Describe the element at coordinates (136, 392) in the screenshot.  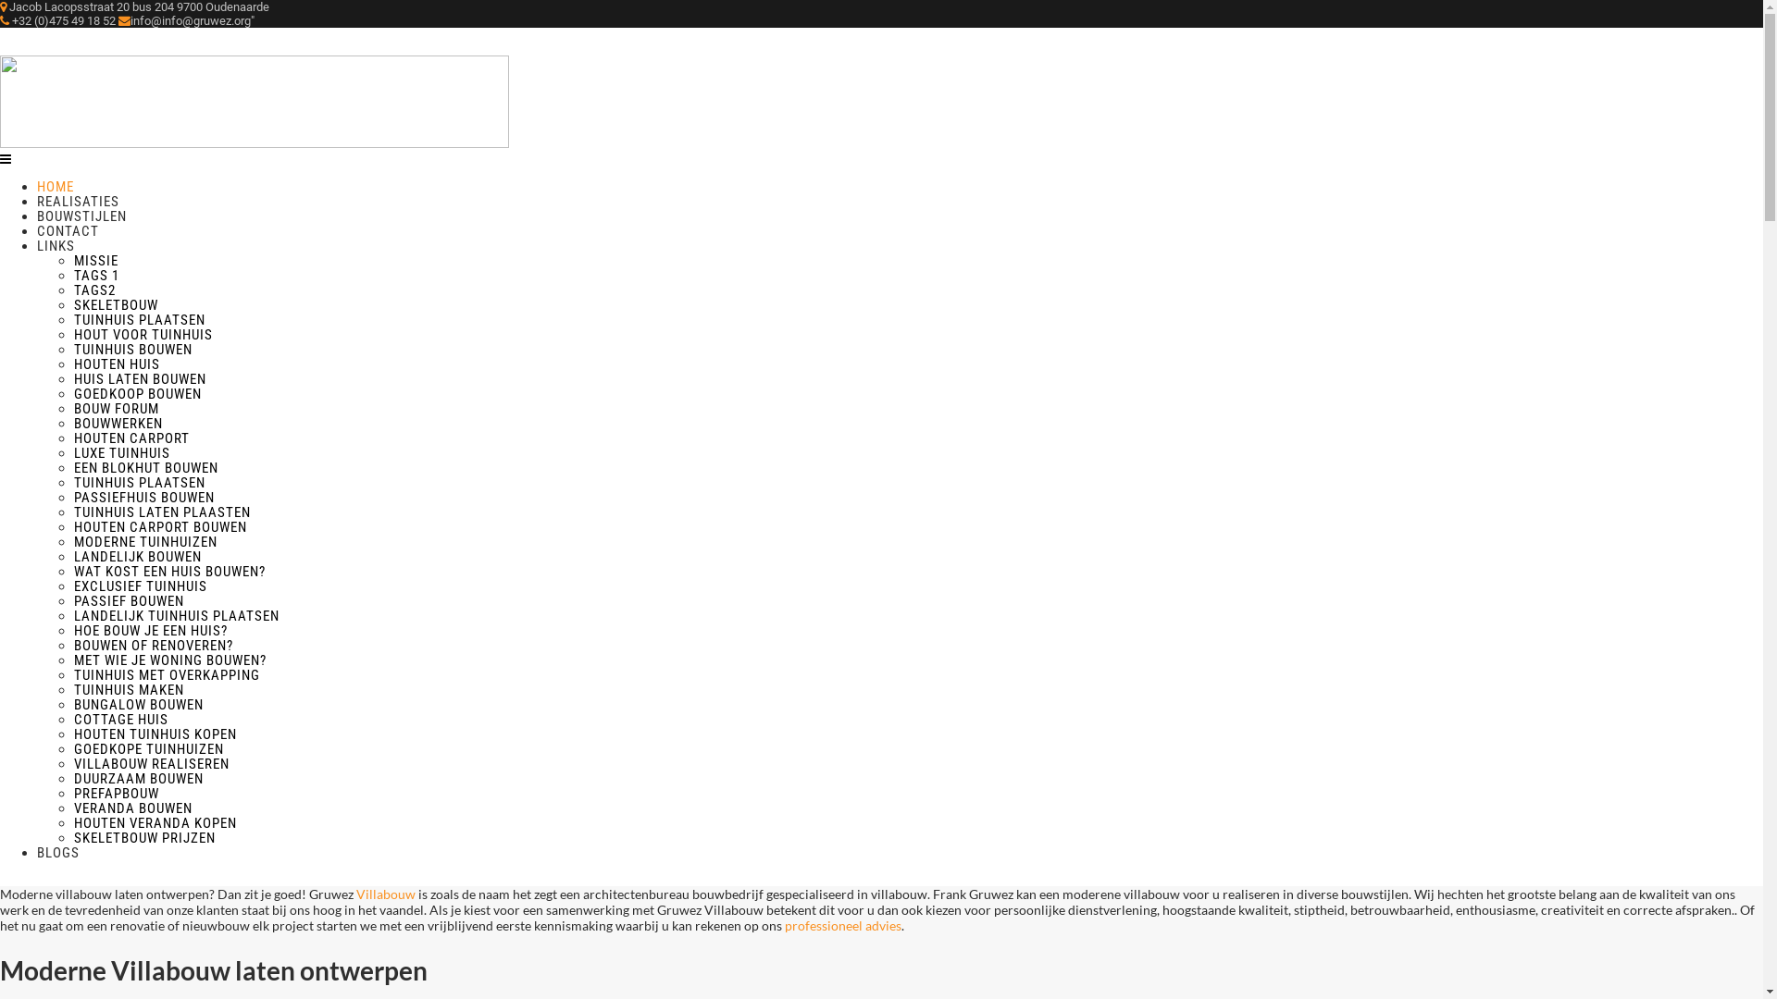
I see `'GOEDKOOP BOUWEN'` at that location.